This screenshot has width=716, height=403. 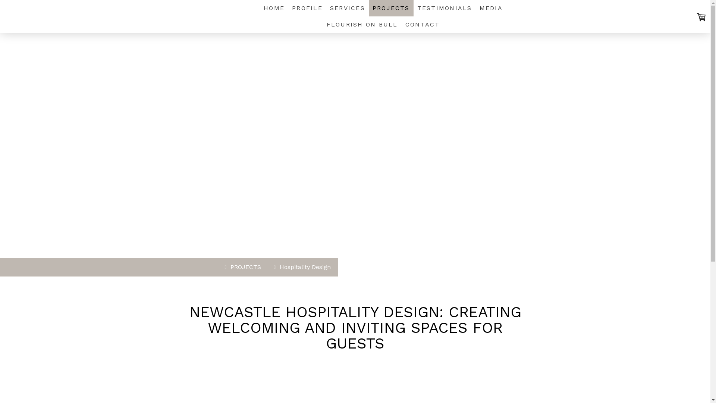 I want to click on 'PROFILE', so click(x=307, y=8).